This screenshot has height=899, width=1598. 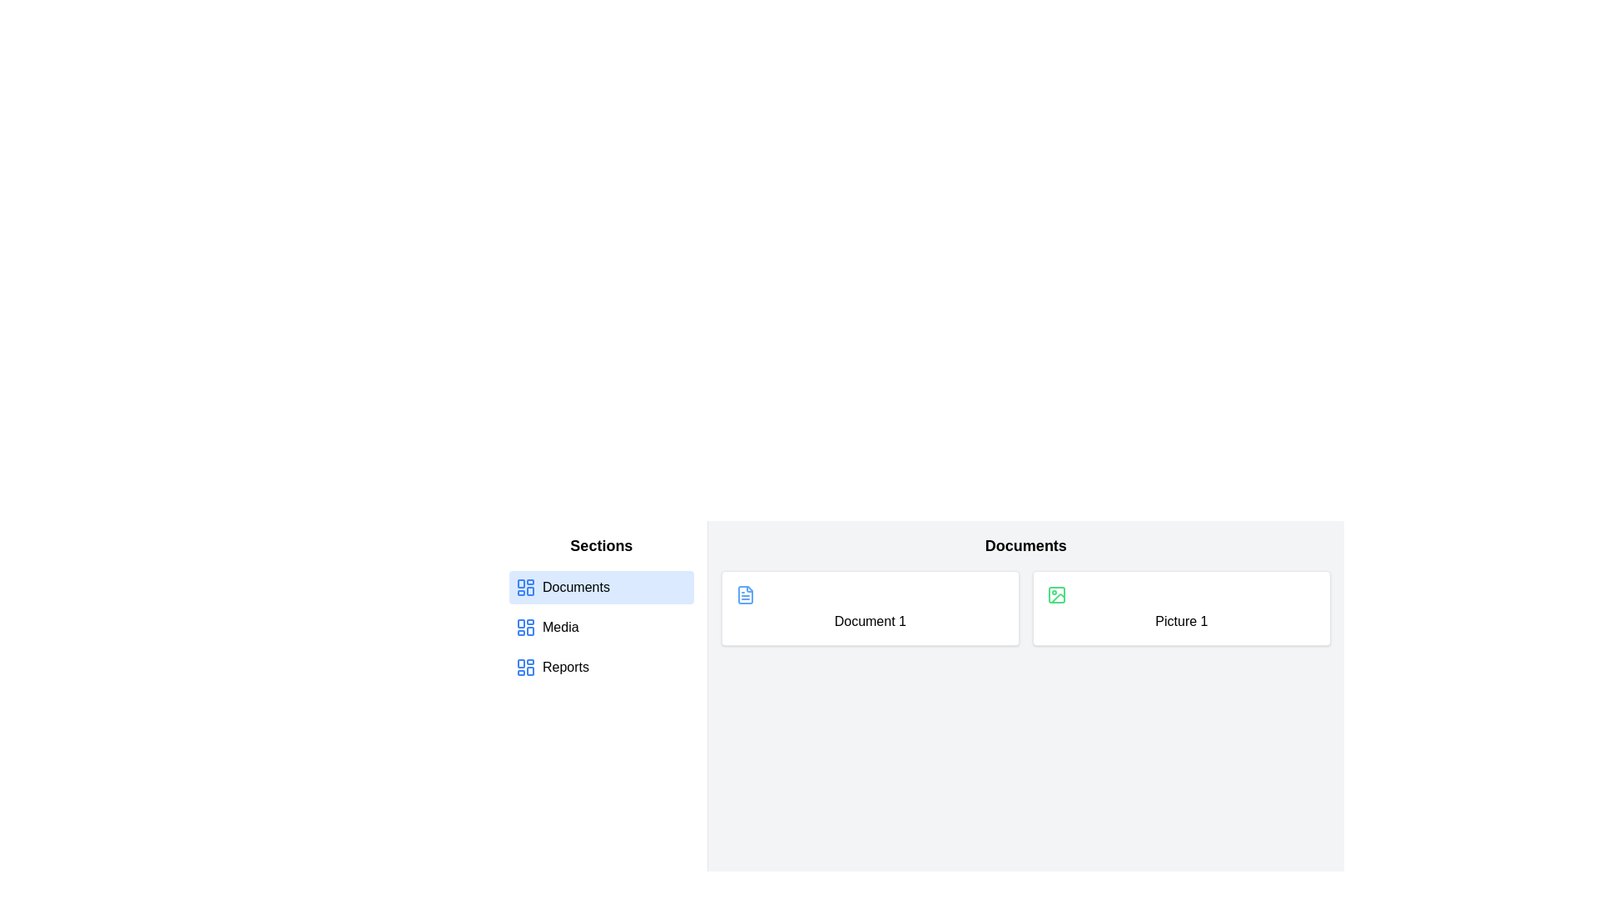 What do you see at coordinates (869, 608) in the screenshot?
I see `the first card in the 'Documents' section` at bounding box center [869, 608].